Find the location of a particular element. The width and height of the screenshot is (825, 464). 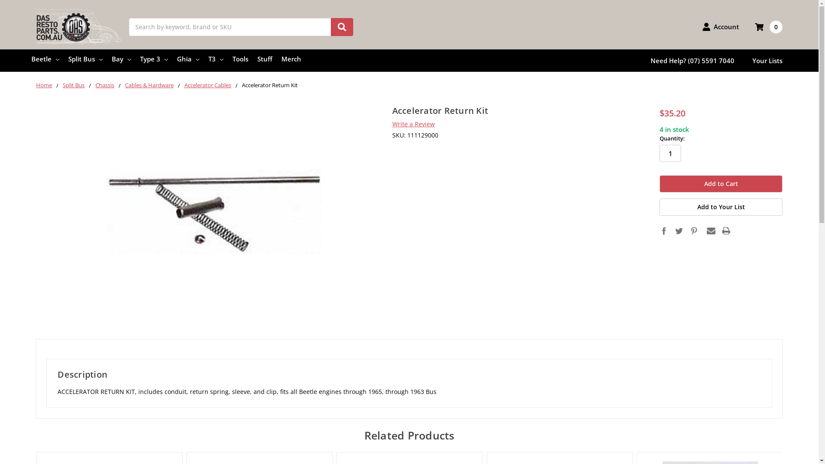

'Beetle' is located at coordinates (45, 58).